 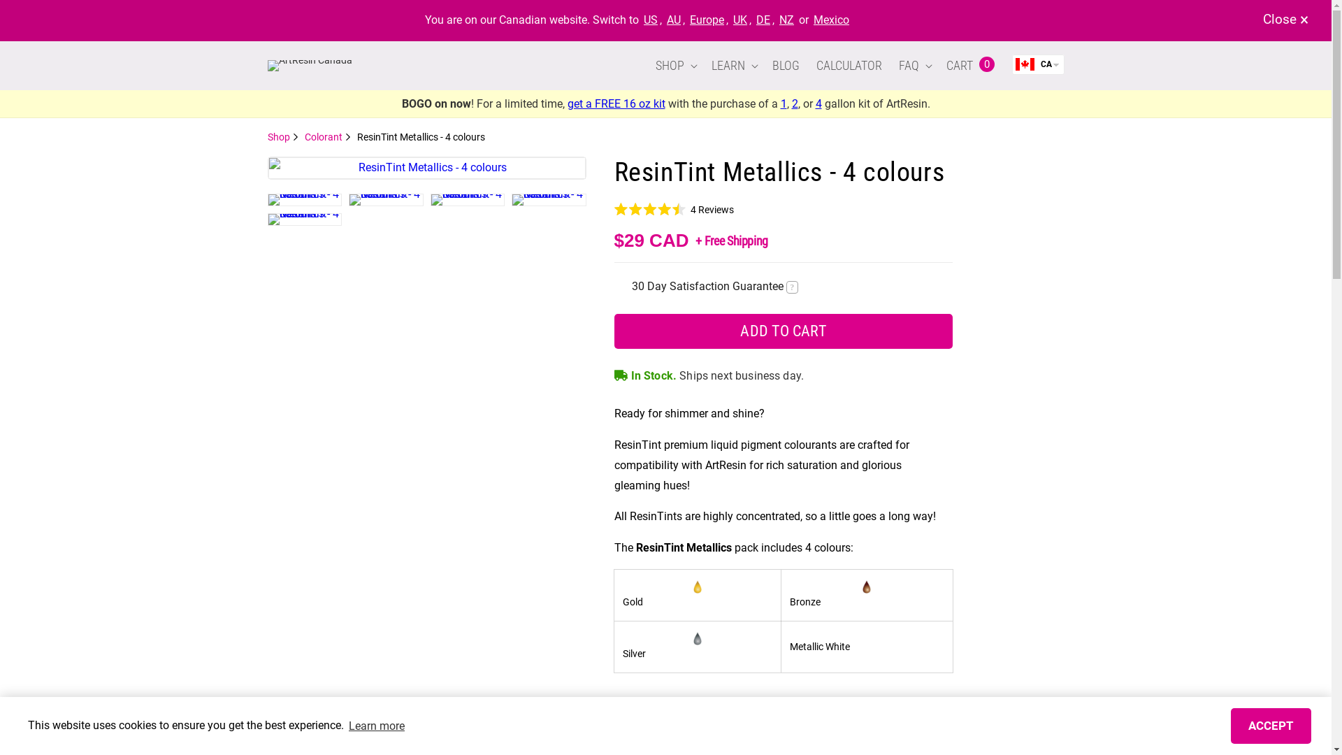 I want to click on 'CART', so click(x=956, y=65).